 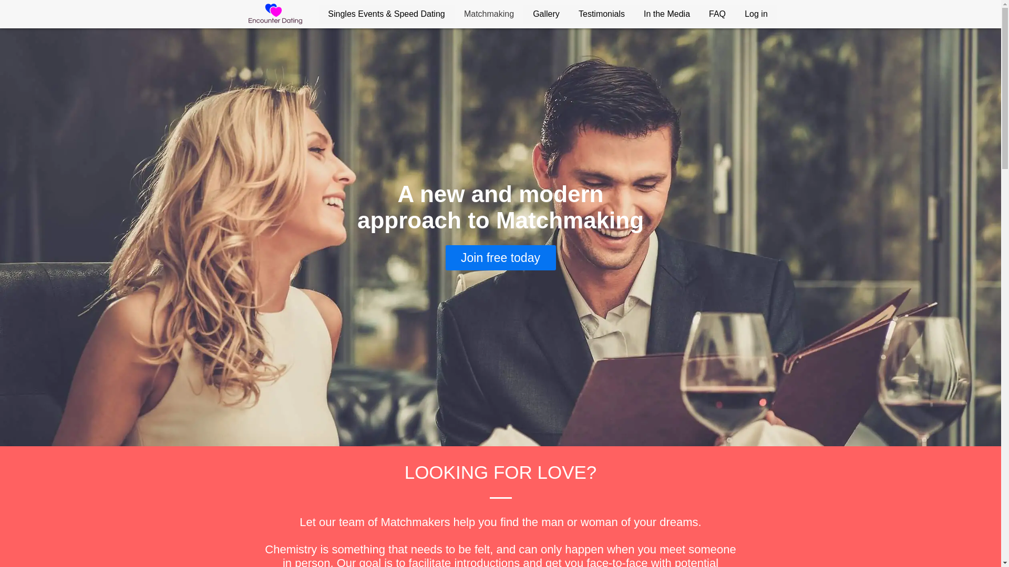 I want to click on 'In the Media', so click(x=665, y=14).